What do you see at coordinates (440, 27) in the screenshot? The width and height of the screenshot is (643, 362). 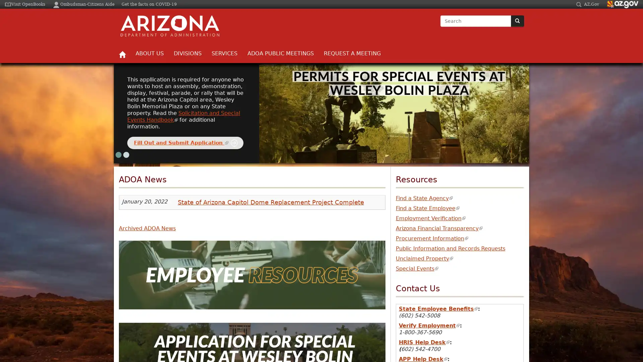 I see `Search` at bounding box center [440, 27].